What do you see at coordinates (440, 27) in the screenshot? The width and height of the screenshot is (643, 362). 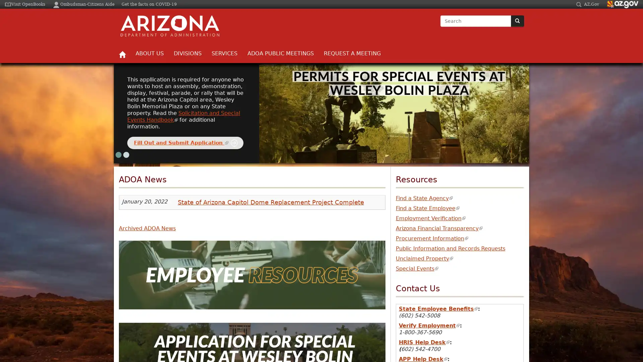 I see `Search` at bounding box center [440, 27].